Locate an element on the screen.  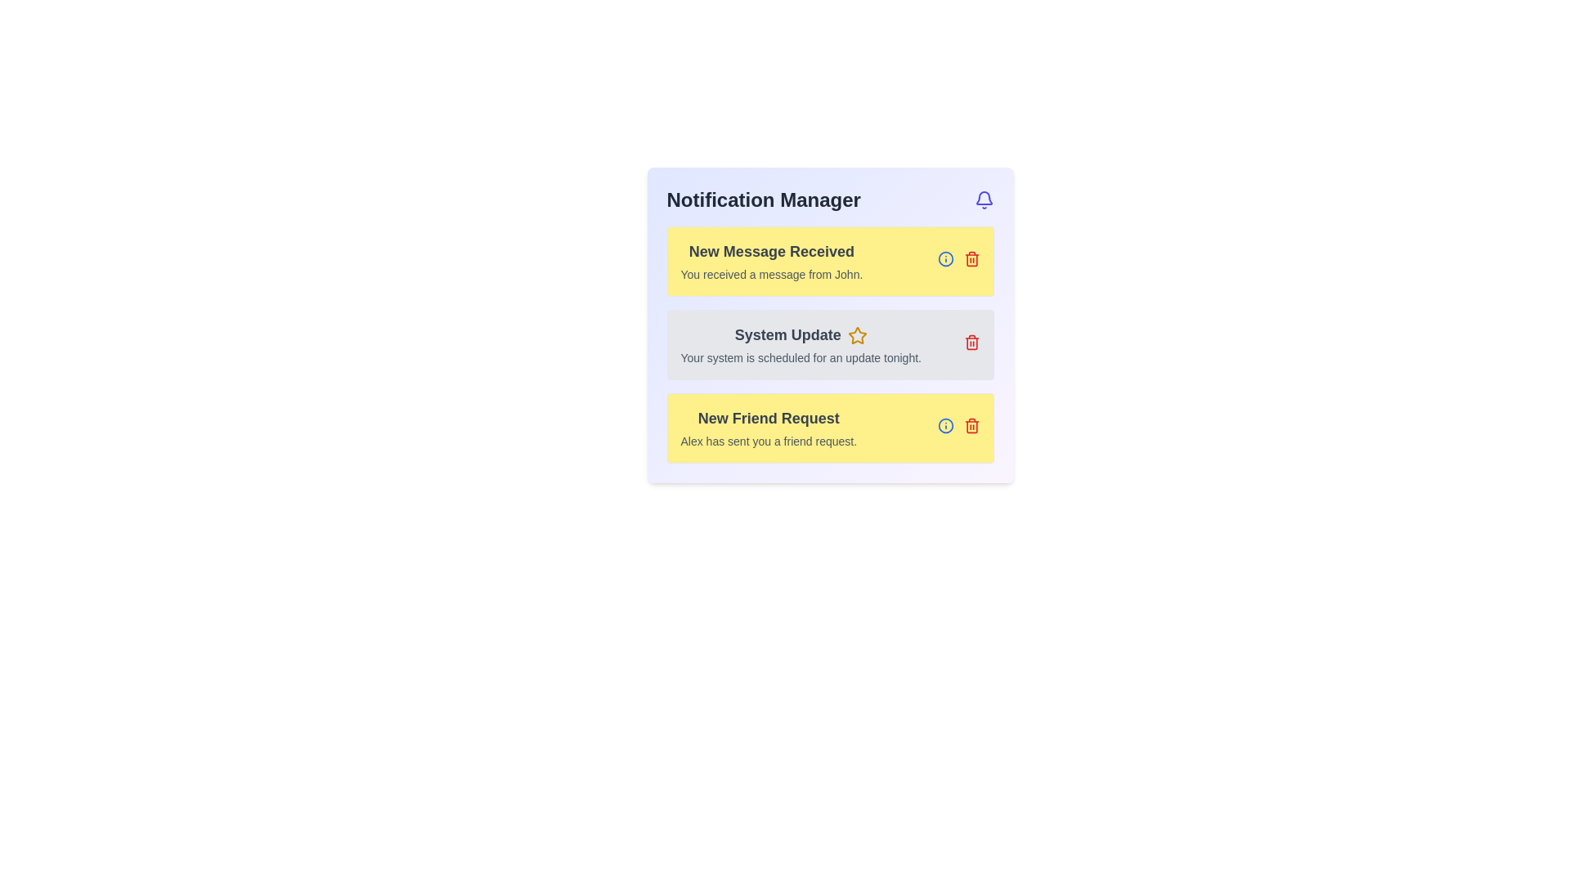
the trash/delete icon located at the far right side of the 'System Update' notification box to initiate deletion is located at coordinates (971, 343).